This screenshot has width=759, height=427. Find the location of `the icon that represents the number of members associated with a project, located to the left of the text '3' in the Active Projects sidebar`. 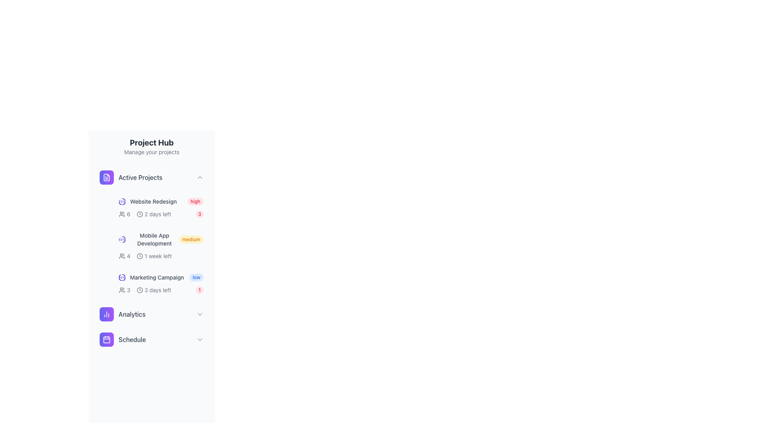

the icon that represents the number of members associated with a project, located to the left of the text '3' in the Active Projects sidebar is located at coordinates (121, 290).